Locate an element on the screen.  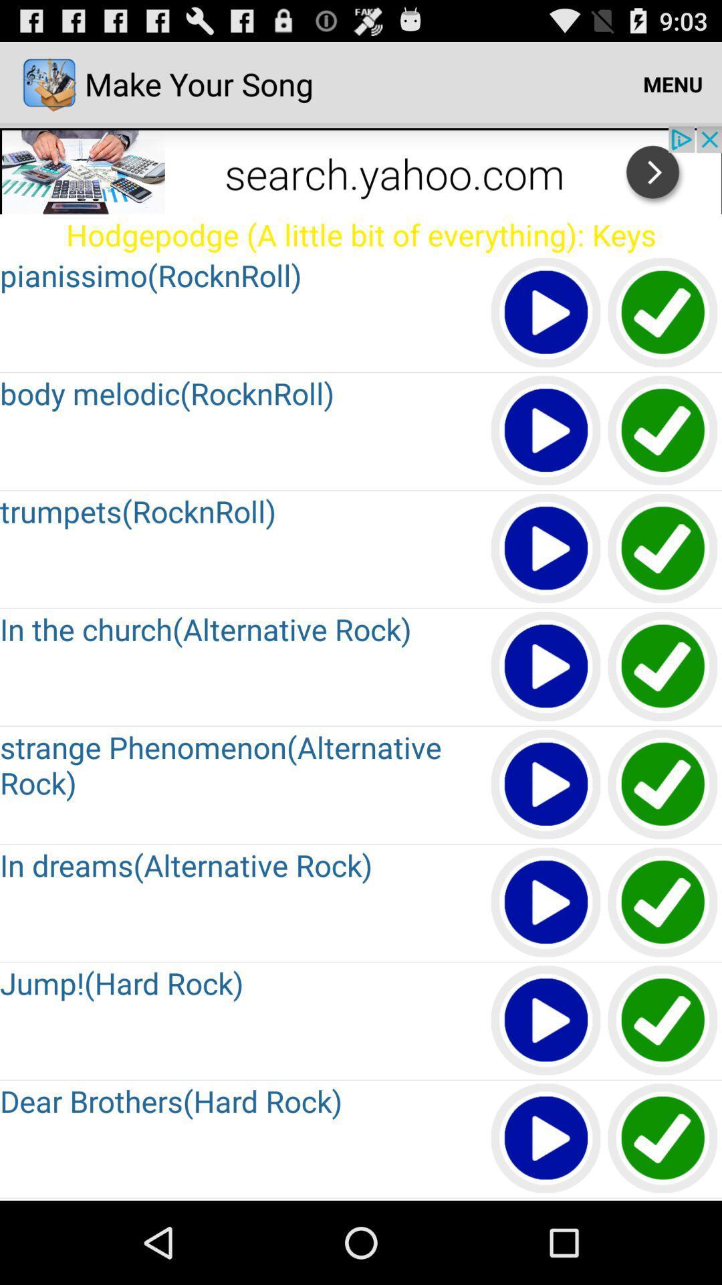
play is located at coordinates (546, 549).